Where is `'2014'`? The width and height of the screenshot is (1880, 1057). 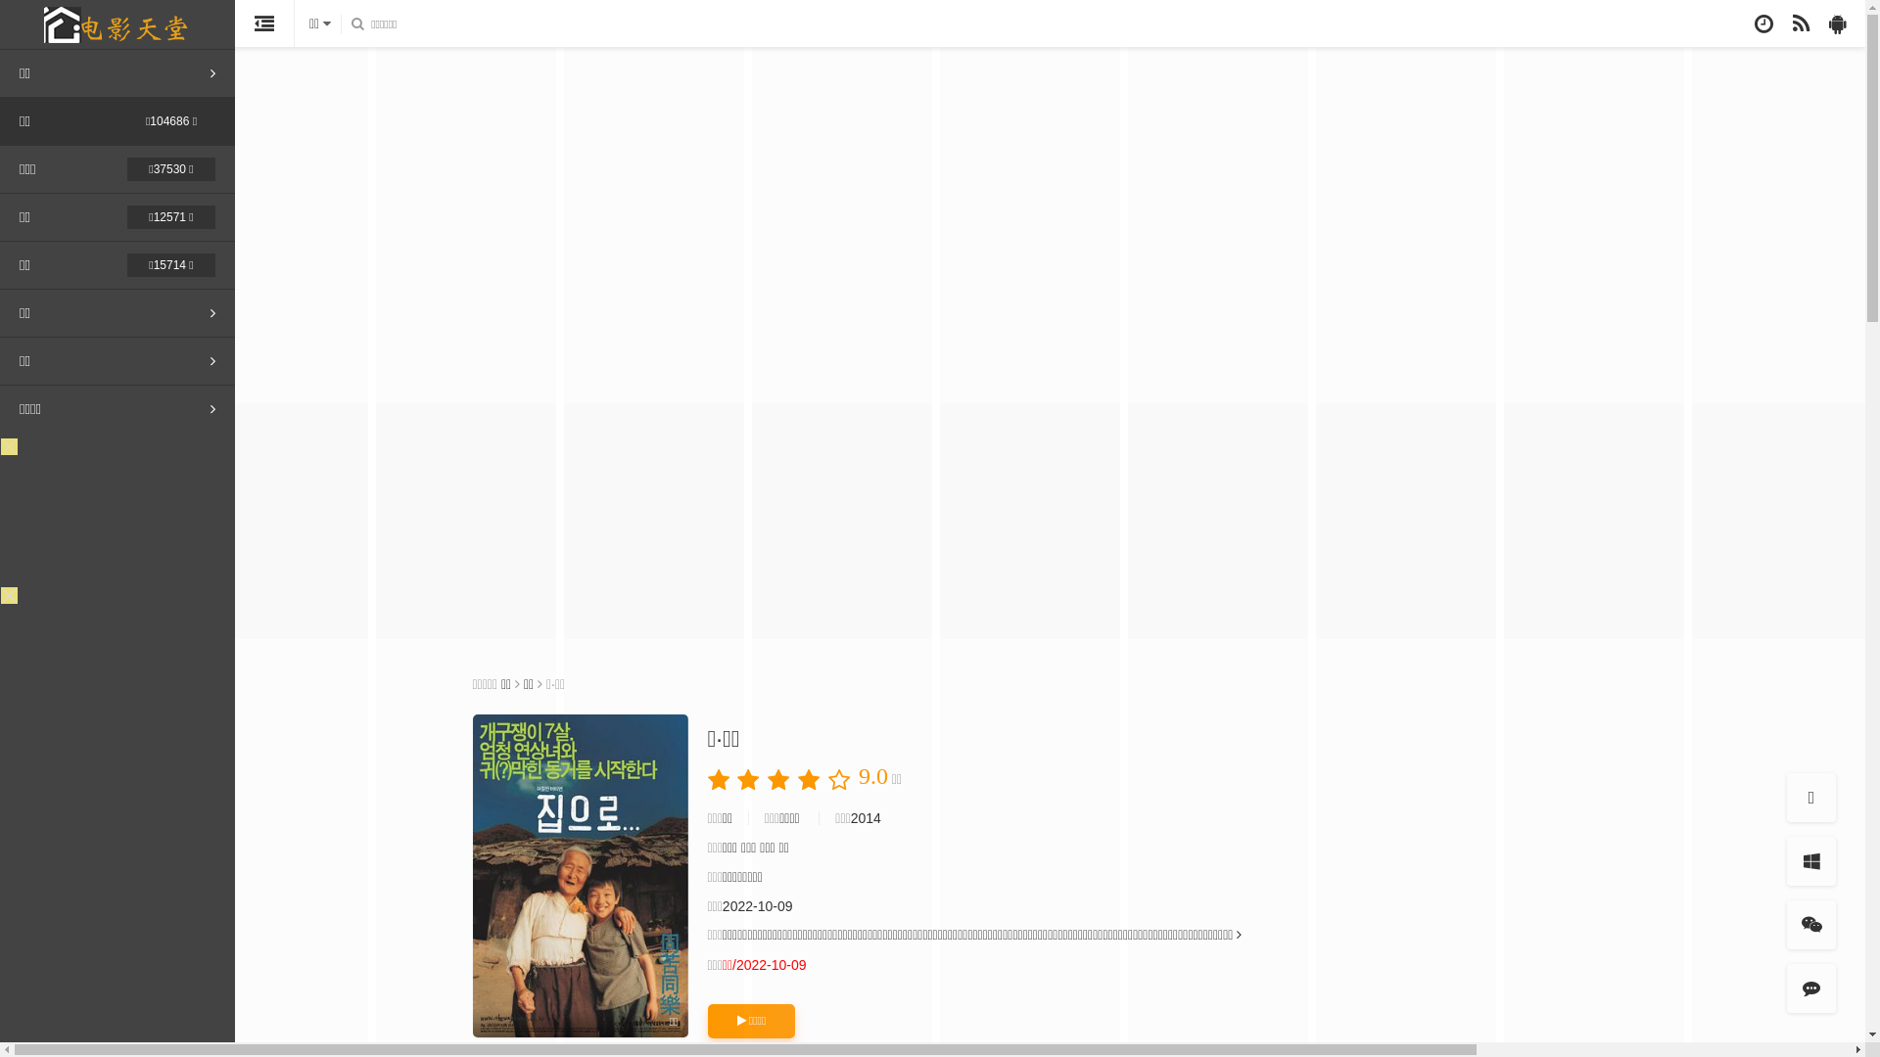
'2014' is located at coordinates (865, 818).